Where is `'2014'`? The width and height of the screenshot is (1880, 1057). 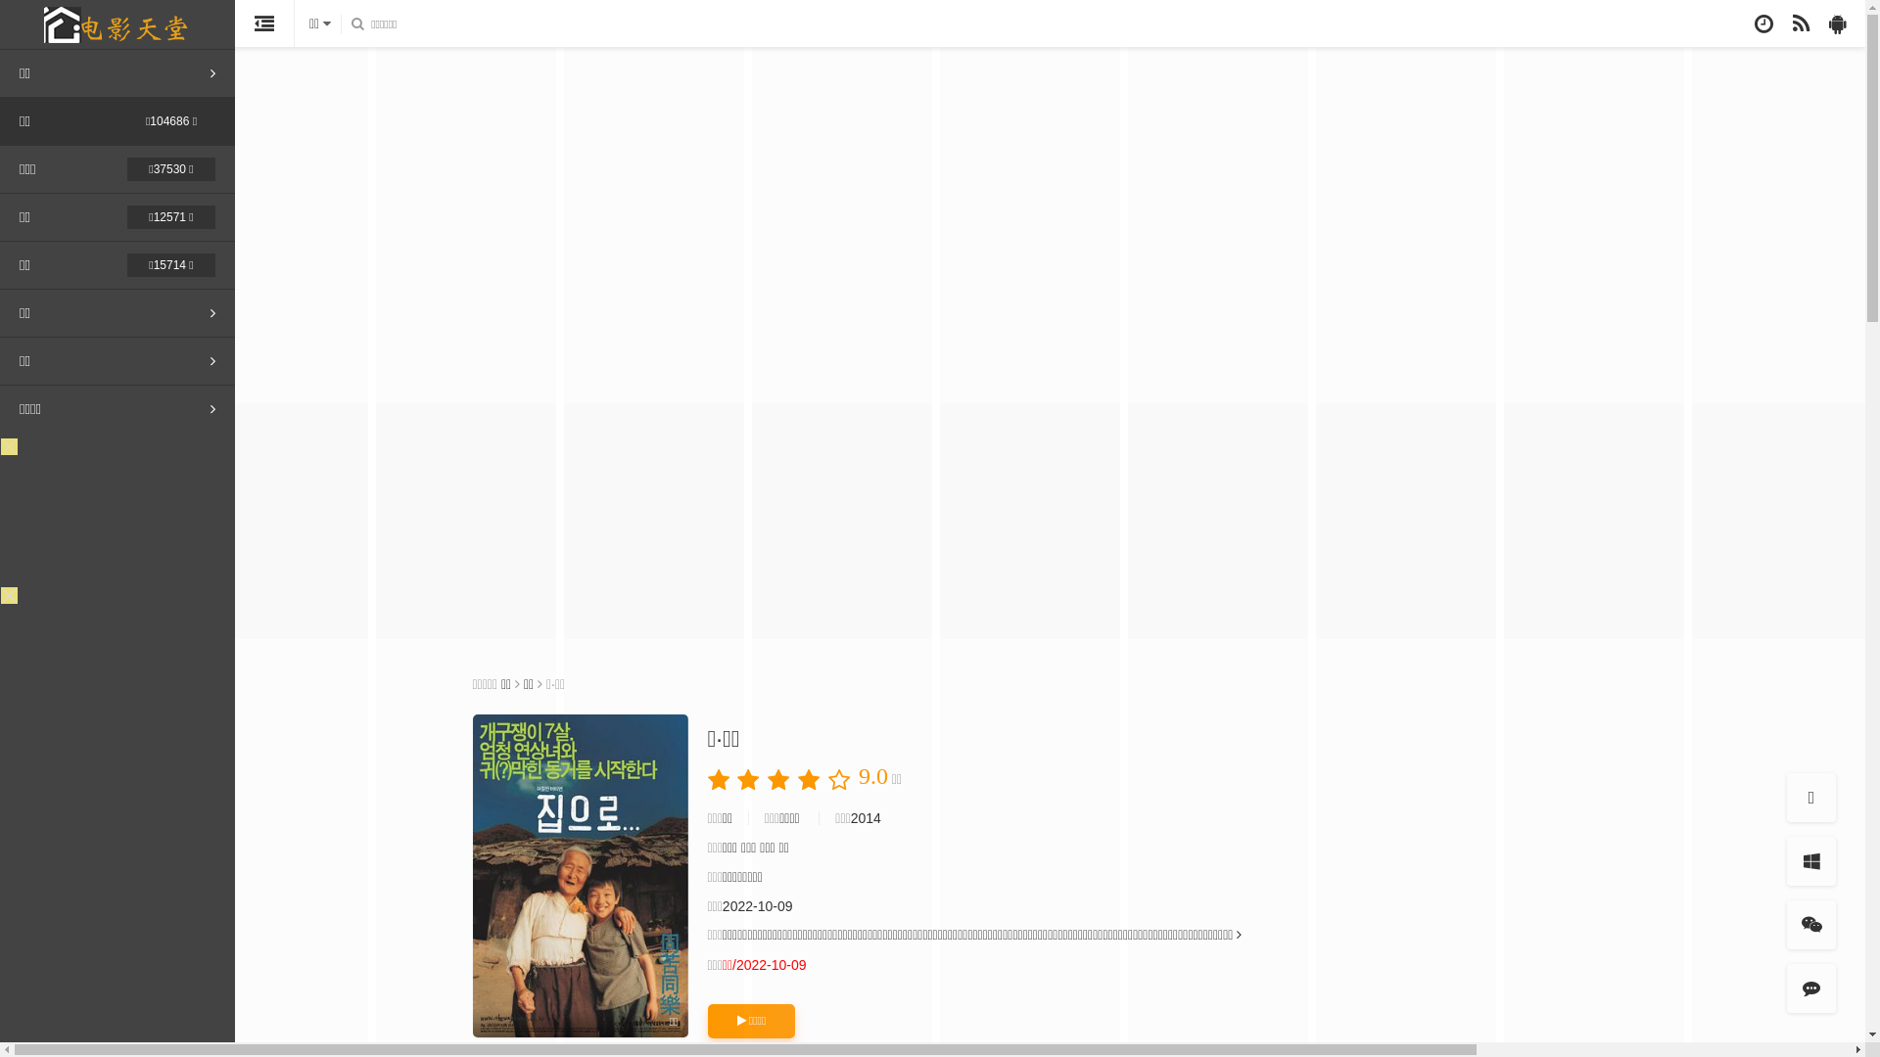
'2014' is located at coordinates (865, 818).